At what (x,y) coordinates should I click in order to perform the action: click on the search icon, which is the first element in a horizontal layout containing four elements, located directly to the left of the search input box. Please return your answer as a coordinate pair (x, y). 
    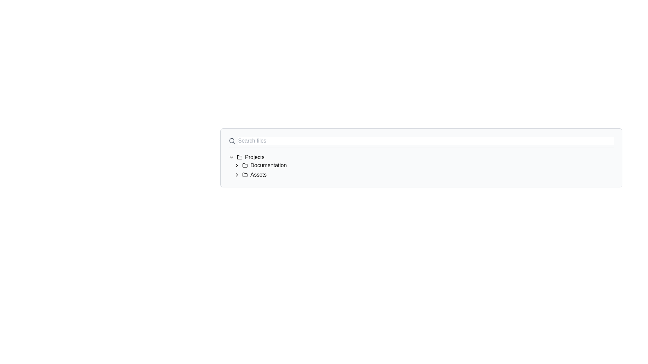
    Looking at the image, I should click on (232, 140).